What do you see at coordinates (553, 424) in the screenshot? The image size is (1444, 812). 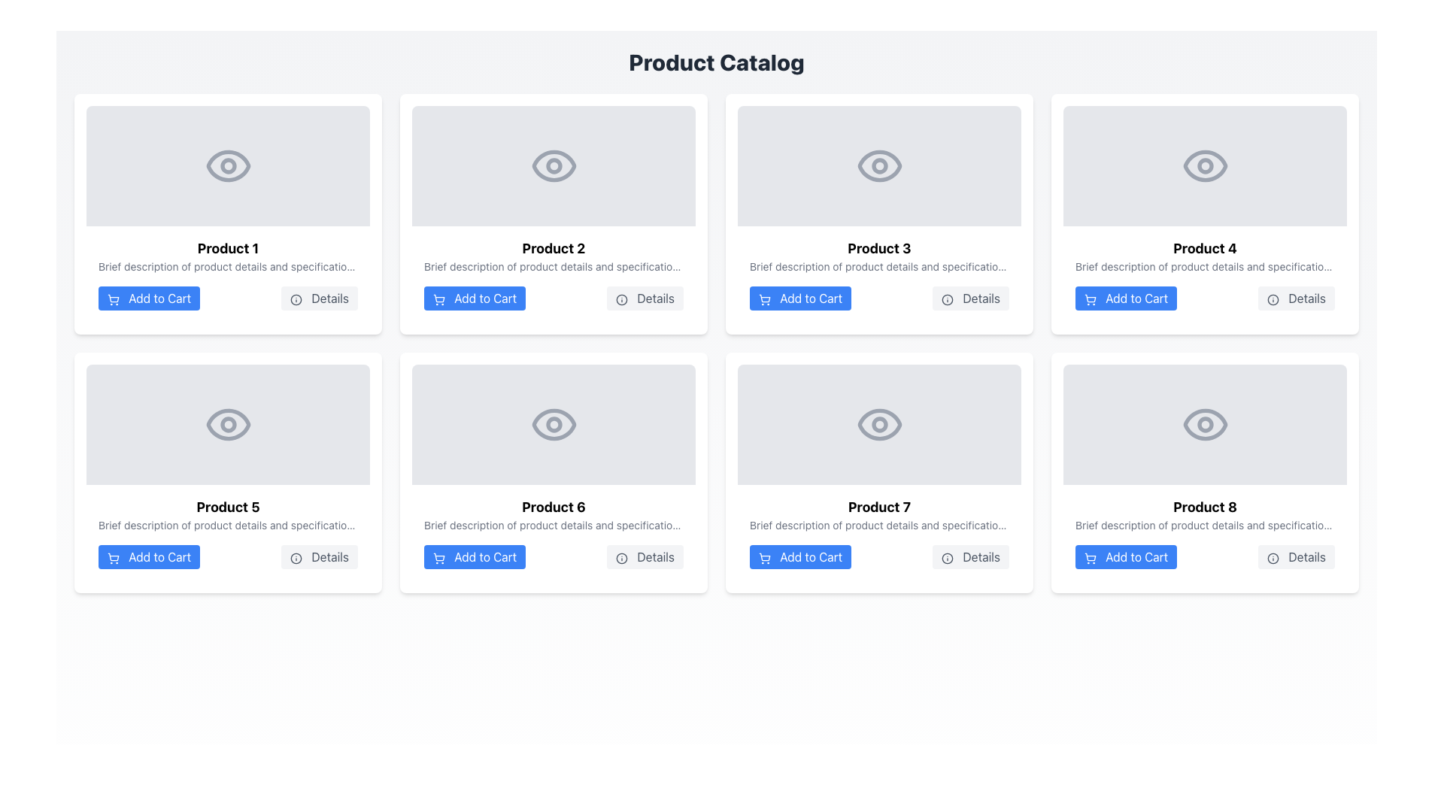 I see `the visibility icon for 'Product 6' located in the second row and second column of the product card grid by clicking on it` at bounding box center [553, 424].